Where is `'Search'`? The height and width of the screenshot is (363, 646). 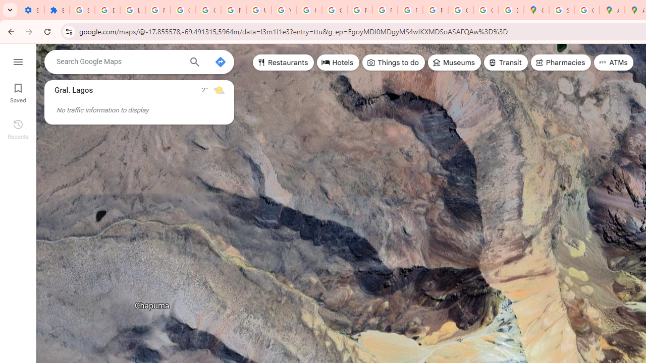
'Search' is located at coordinates (194, 63).